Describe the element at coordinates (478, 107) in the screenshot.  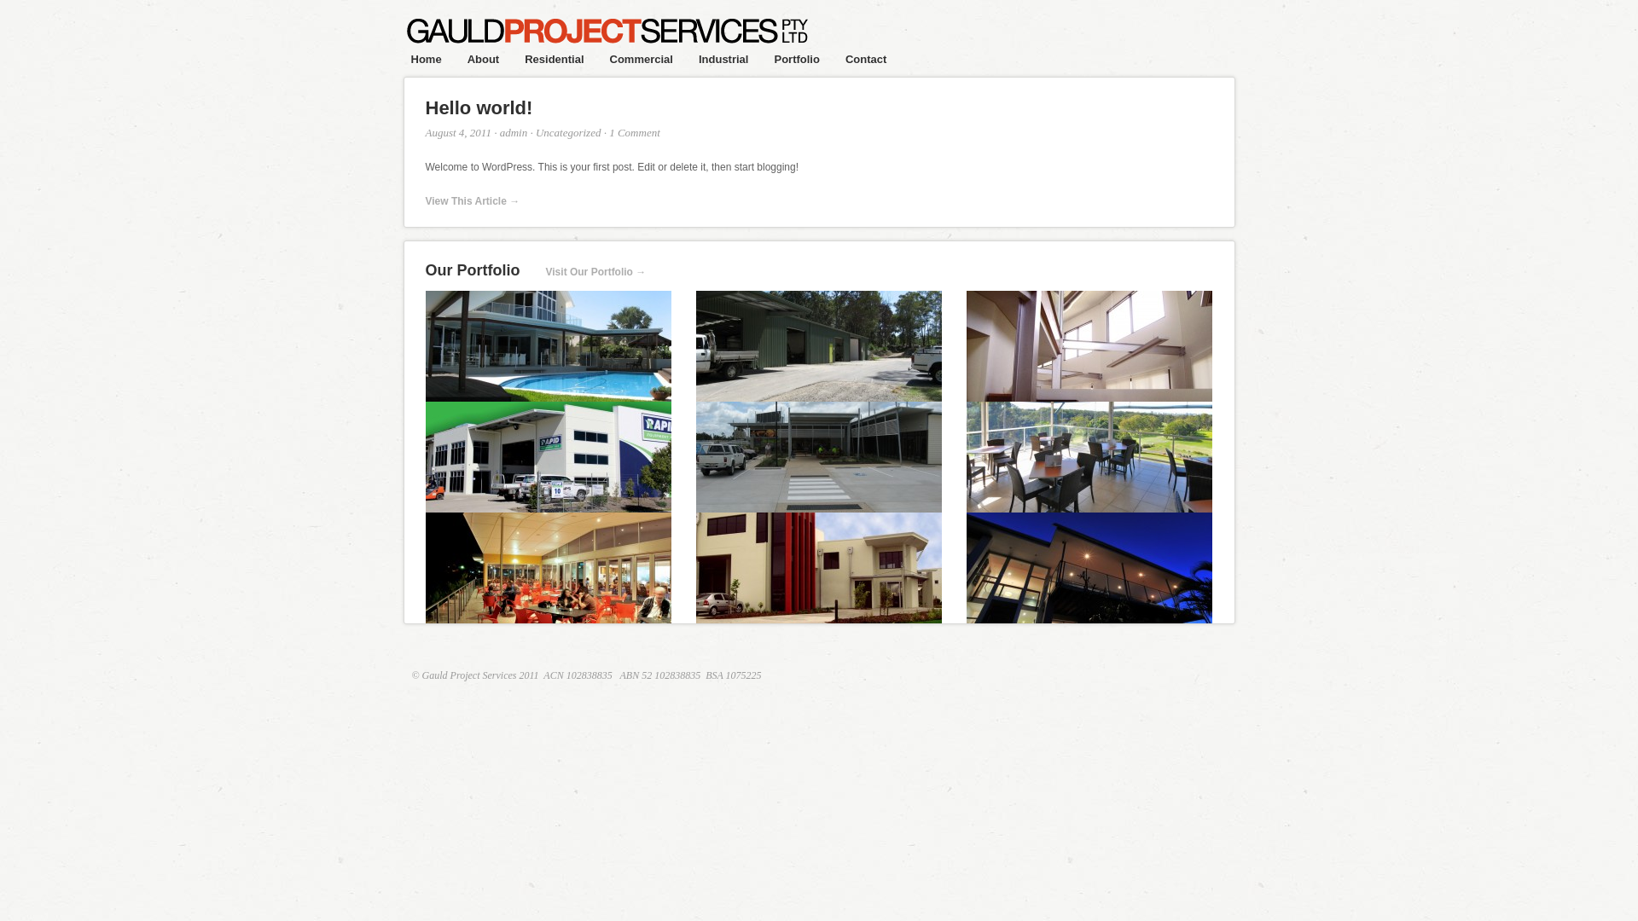
I see `'Hello world!'` at that location.